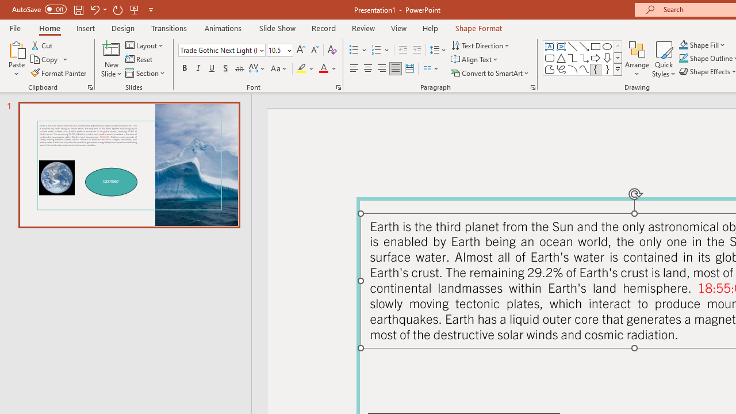 The width and height of the screenshot is (736, 414). What do you see at coordinates (617, 45) in the screenshot?
I see `'Row up'` at bounding box center [617, 45].